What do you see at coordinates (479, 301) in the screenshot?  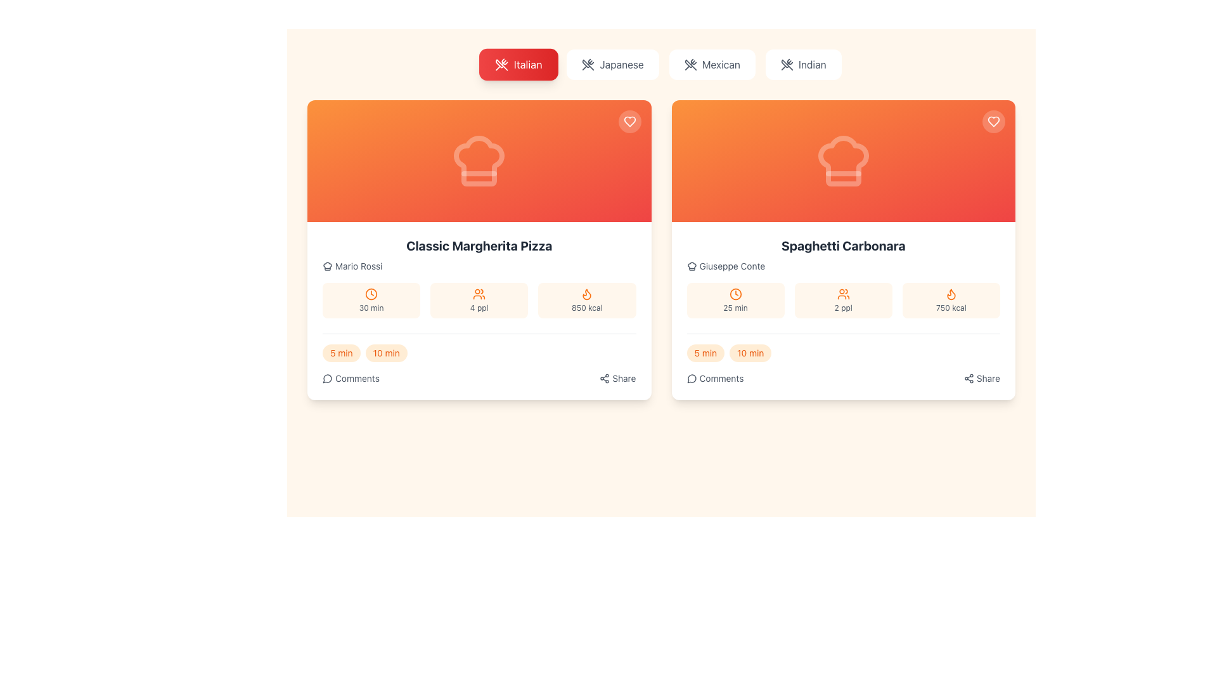 I see `details from the Summary Details Section for the 'Classic Margherita Pizza' recipe, which contains icons and descriptions for time, number of people, and calories` at bounding box center [479, 301].